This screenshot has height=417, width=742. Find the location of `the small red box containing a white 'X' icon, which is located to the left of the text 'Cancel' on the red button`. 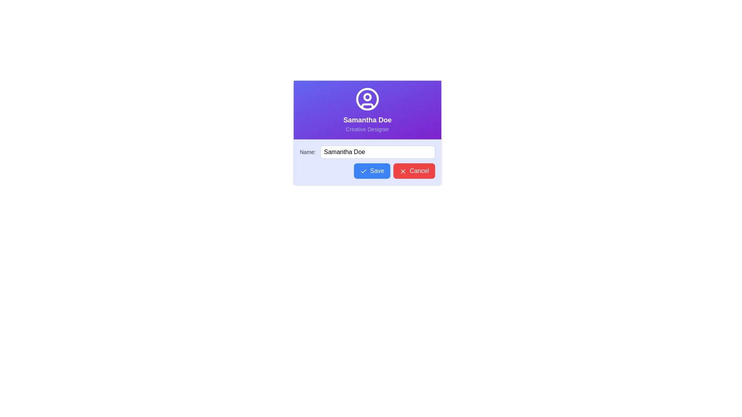

the small red box containing a white 'X' icon, which is located to the left of the text 'Cancel' on the red button is located at coordinates (403, 171).